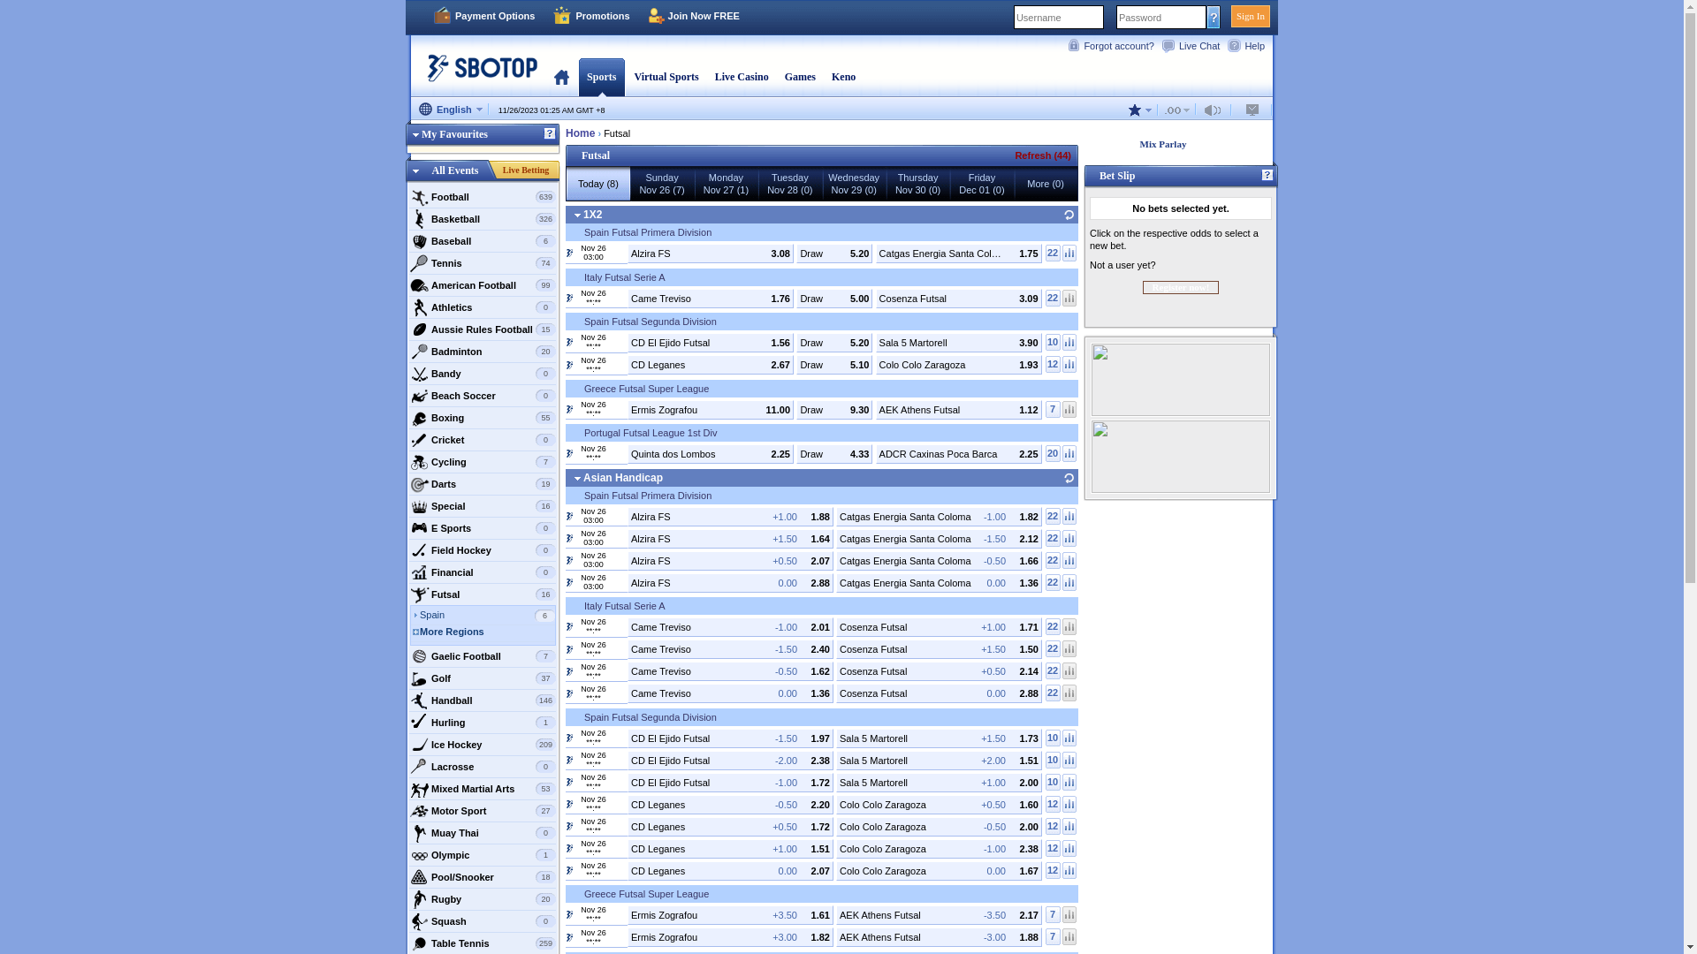 This screenshot has height=954, width=1697. What do you see at coordinates (730, 537) in the screenshot?
I see `'1.64` at bounding box center [730, 537].